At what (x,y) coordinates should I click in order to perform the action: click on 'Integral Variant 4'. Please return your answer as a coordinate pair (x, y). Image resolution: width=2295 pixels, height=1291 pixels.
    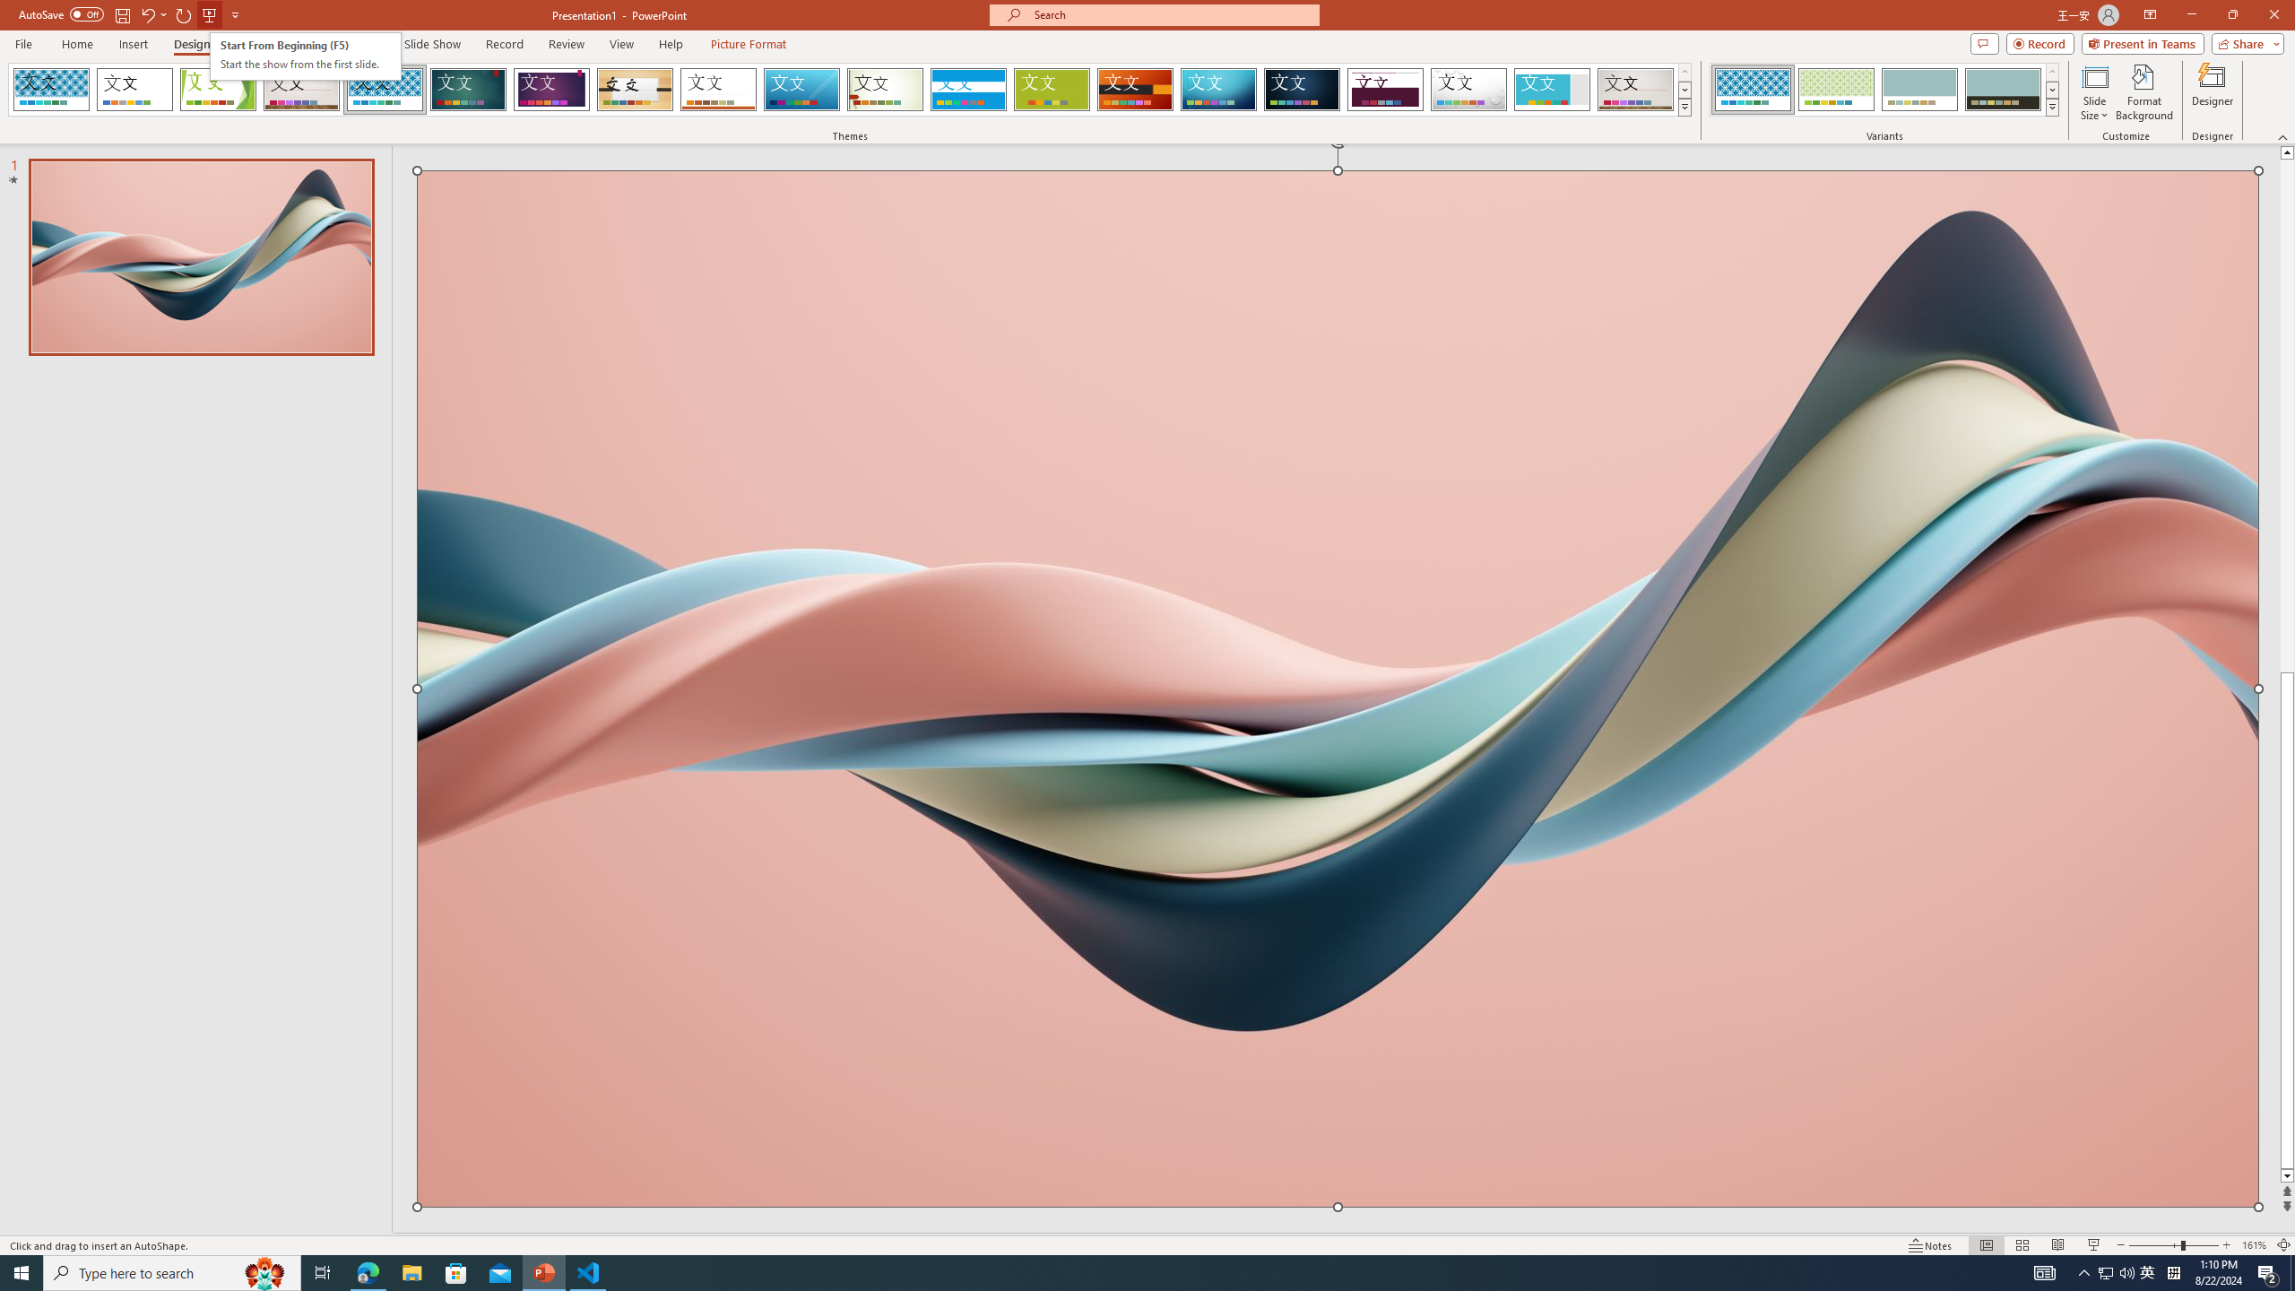
    Looking at the image, I should click on (2002, 89).